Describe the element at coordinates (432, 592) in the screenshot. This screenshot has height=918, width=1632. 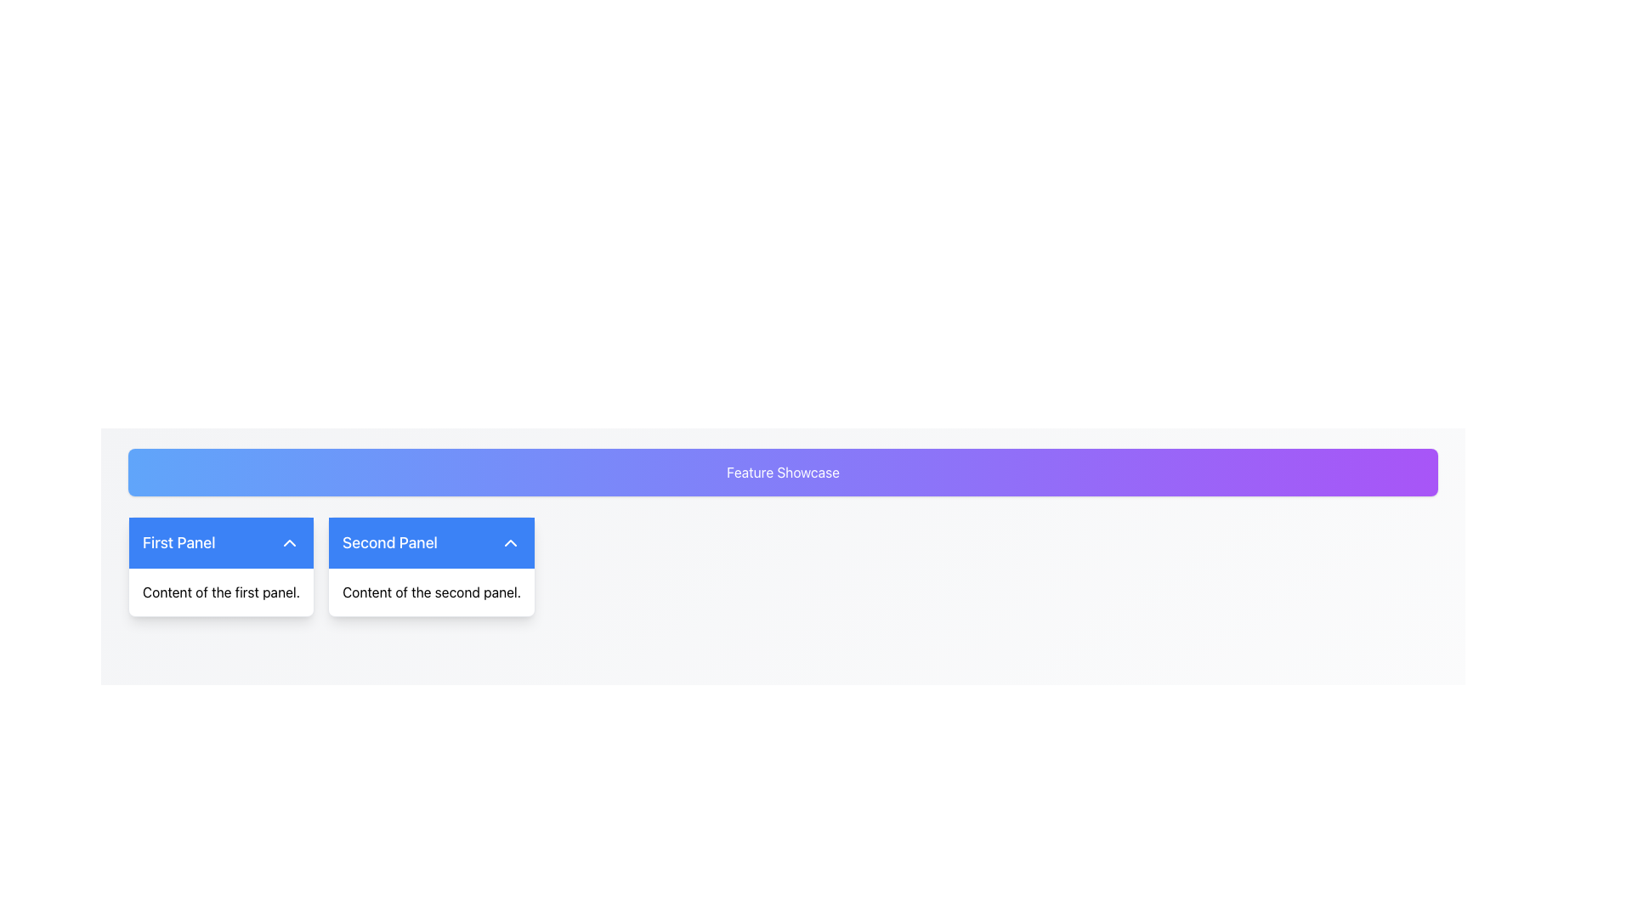
I see `text displayed in the text block that shows 'Content of the second panel.' located in the lower half of the 'Second Panel' section` at that location.